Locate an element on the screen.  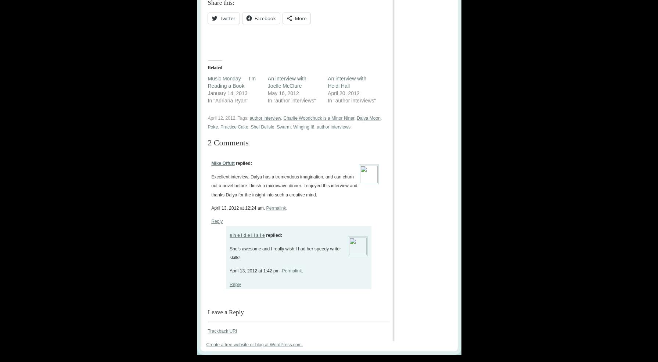
'Related' is located at coordinates (208, 67).